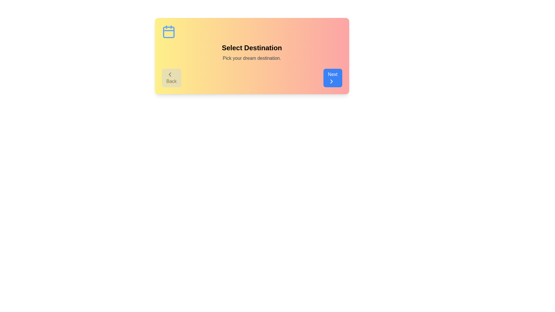 The image size is (555, 312). I want to click on the 'Next' button to proceed to the next step, so click(333, 78).